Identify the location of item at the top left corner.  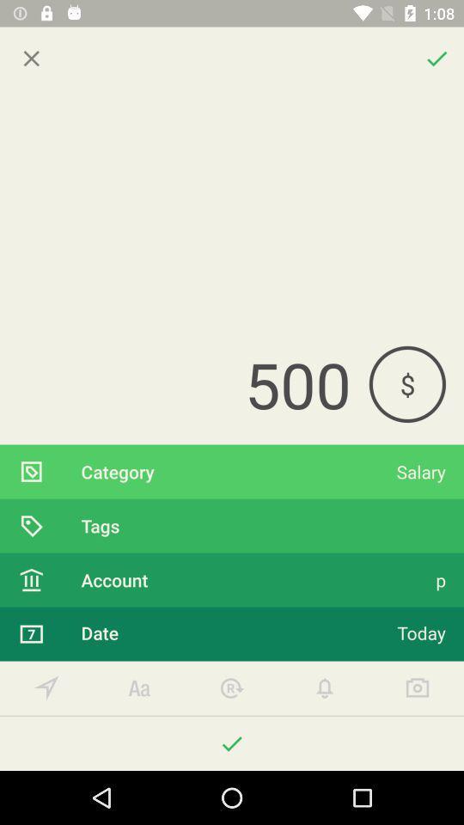
(31, 58).